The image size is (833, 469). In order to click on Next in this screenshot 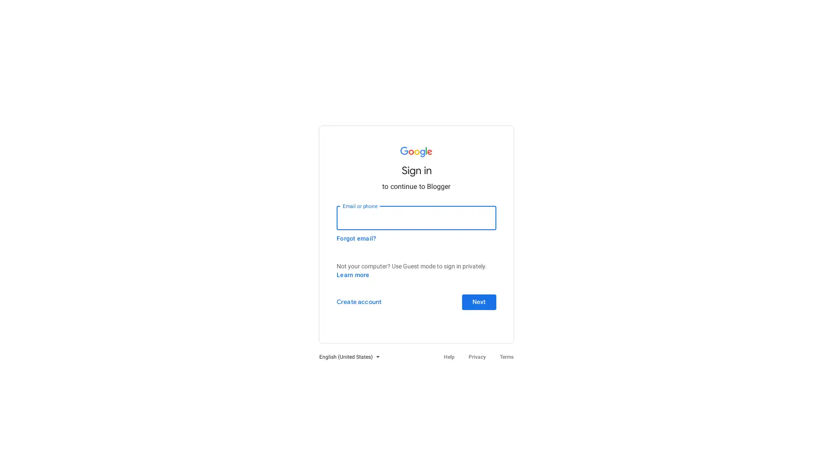, I will do `click(479, 301)`.